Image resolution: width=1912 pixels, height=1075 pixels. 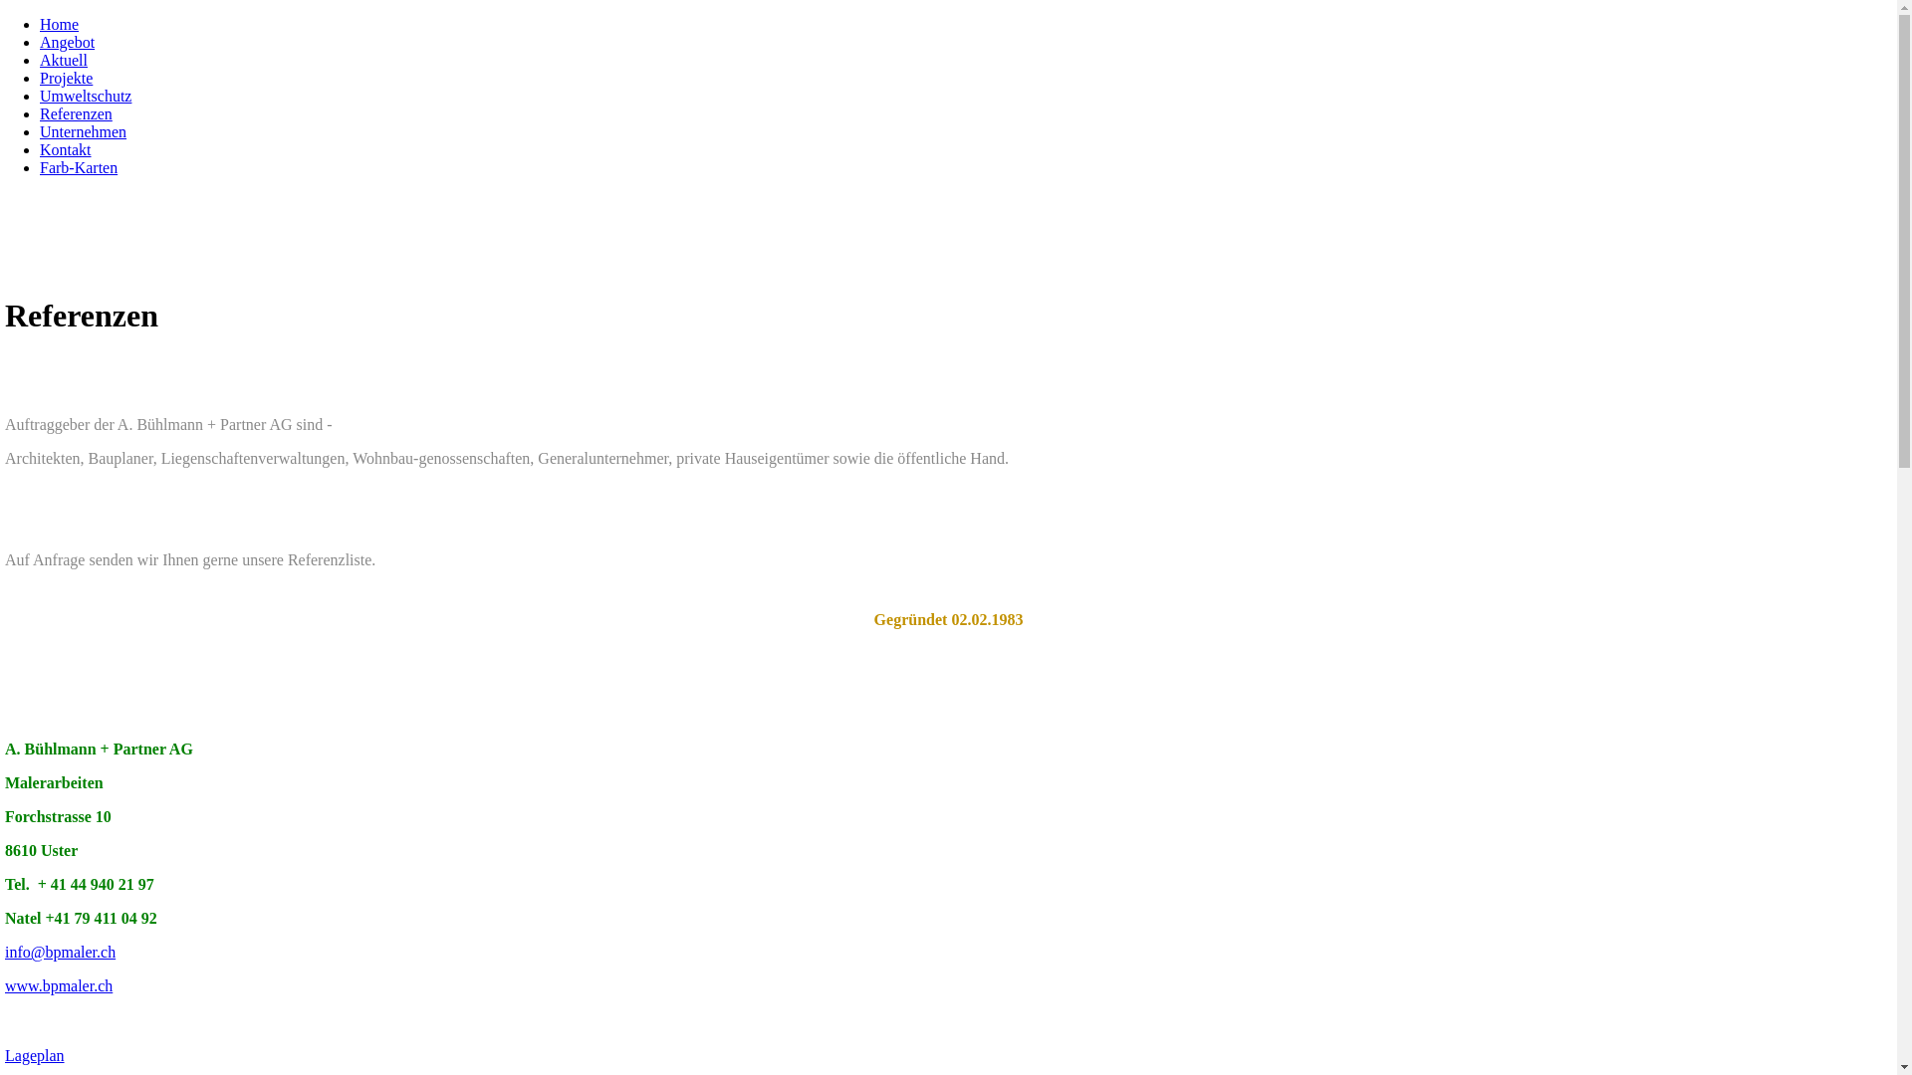 What do you see at coordinates (39, 59) in the screenshot?
I see `'Aktuell'` at bounding box center [39, 59].